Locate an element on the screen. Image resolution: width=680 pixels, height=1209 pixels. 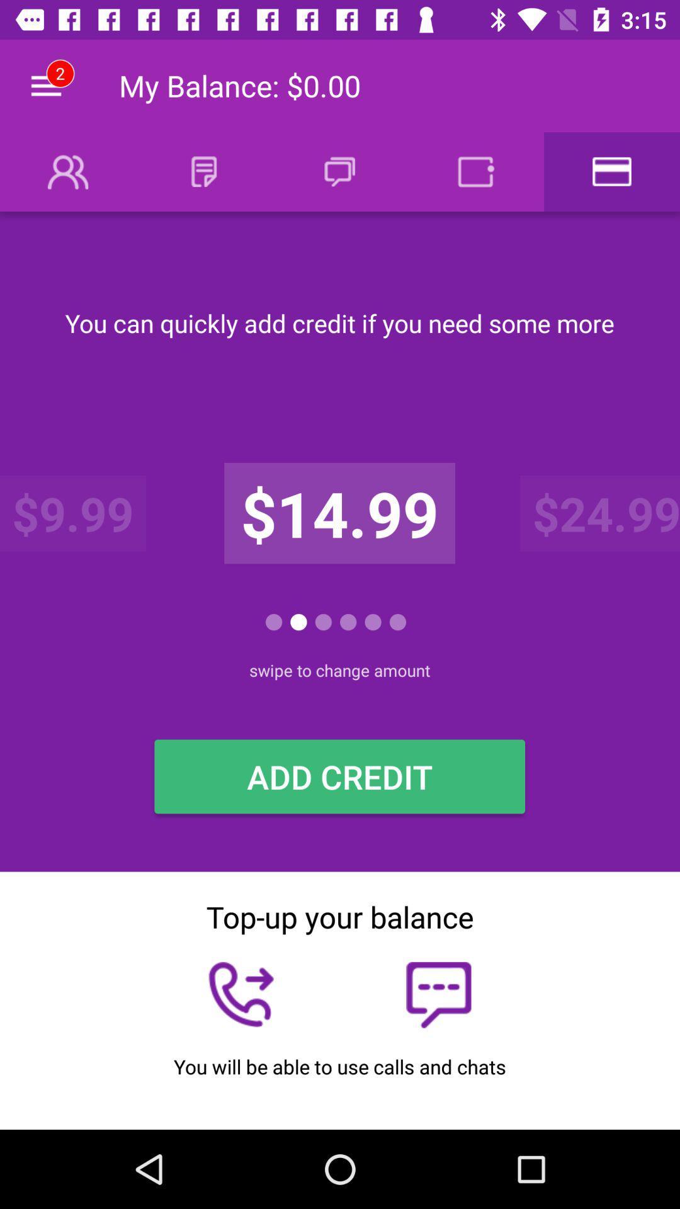
the icon next to the my balance 0 is located at coordinates (45, 85).